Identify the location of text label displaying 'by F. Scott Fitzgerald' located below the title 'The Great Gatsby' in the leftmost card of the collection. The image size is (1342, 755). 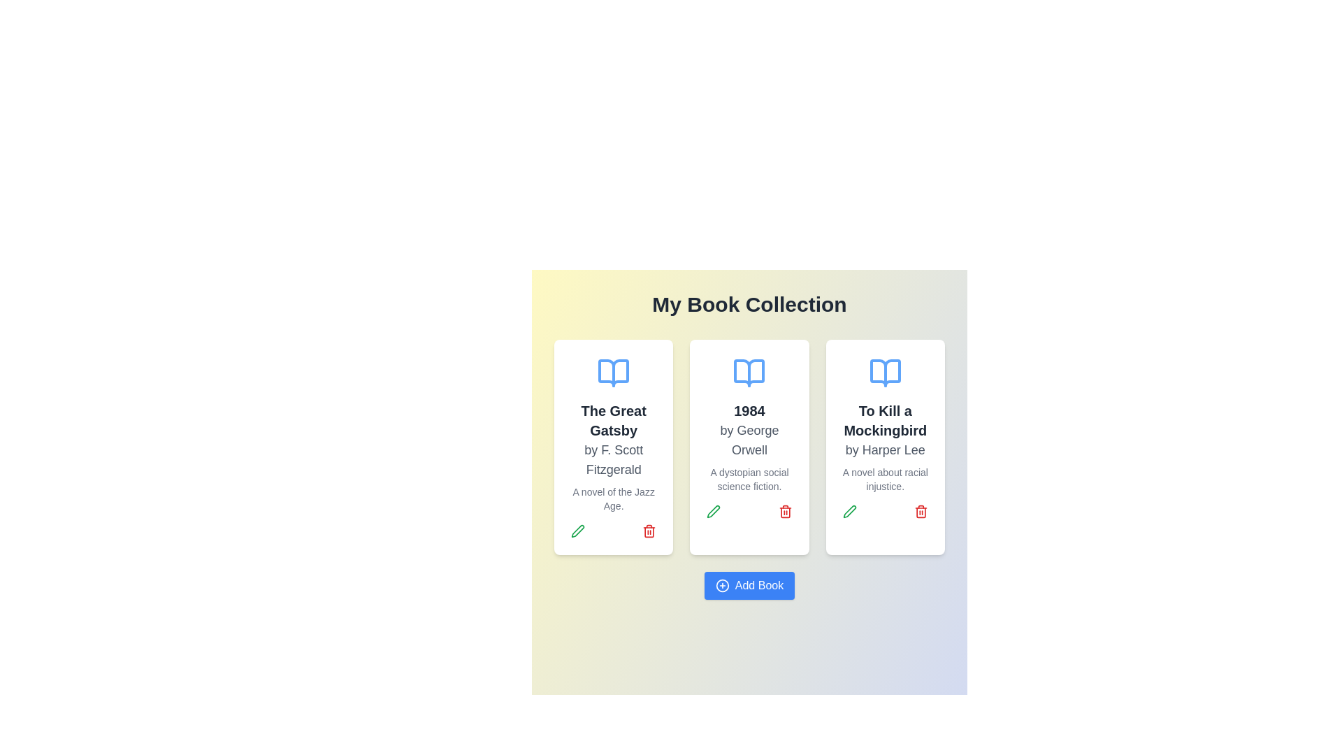
(614, 460).